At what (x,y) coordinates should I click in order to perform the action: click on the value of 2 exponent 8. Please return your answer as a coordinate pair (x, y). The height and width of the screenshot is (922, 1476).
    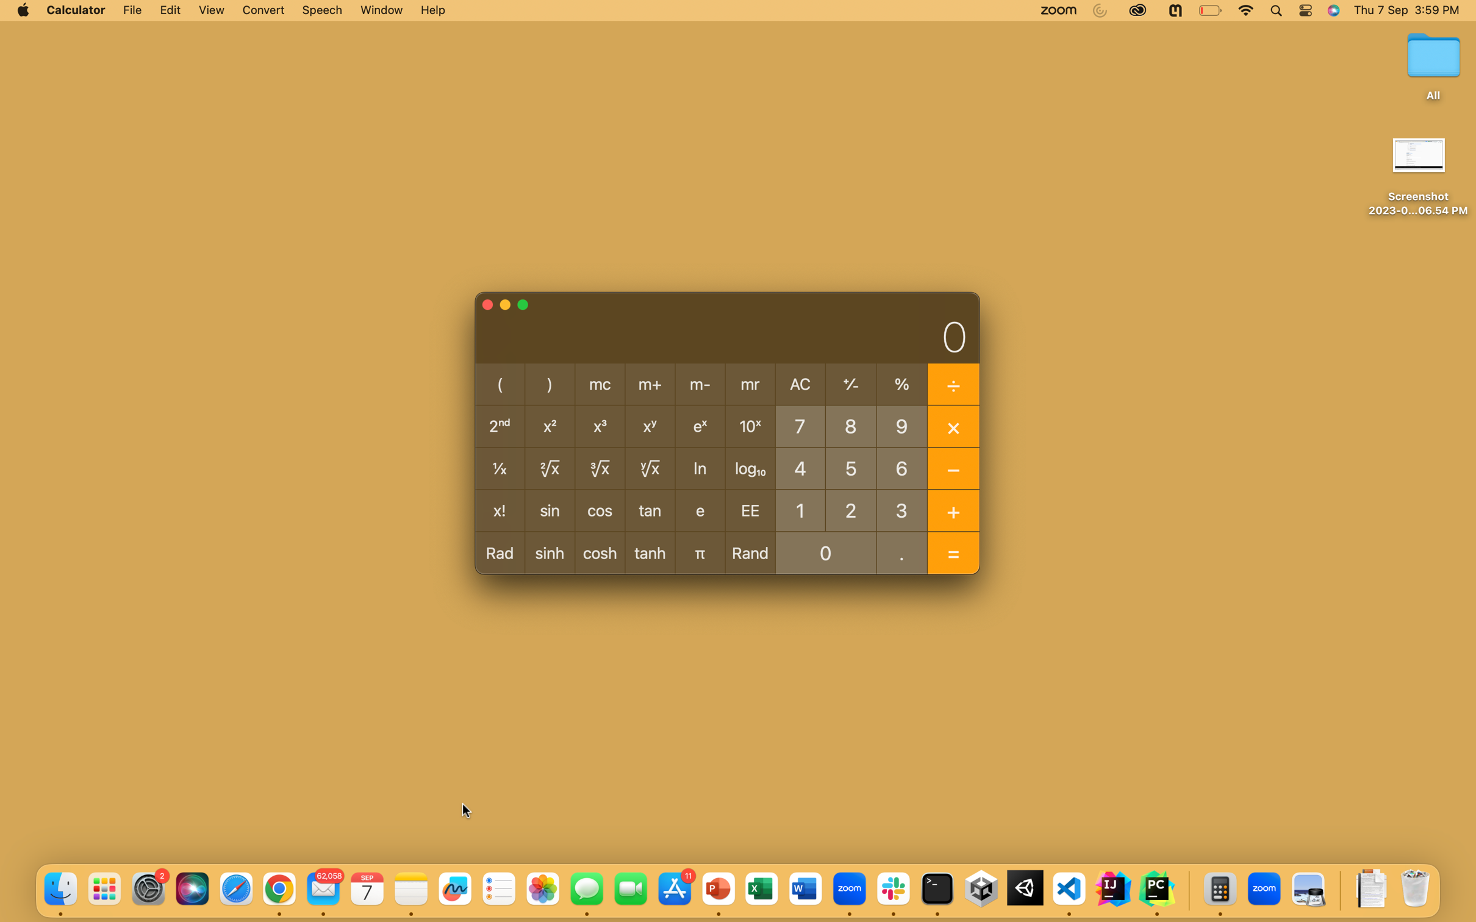
    Looking at the image, I should click on (850, 509).